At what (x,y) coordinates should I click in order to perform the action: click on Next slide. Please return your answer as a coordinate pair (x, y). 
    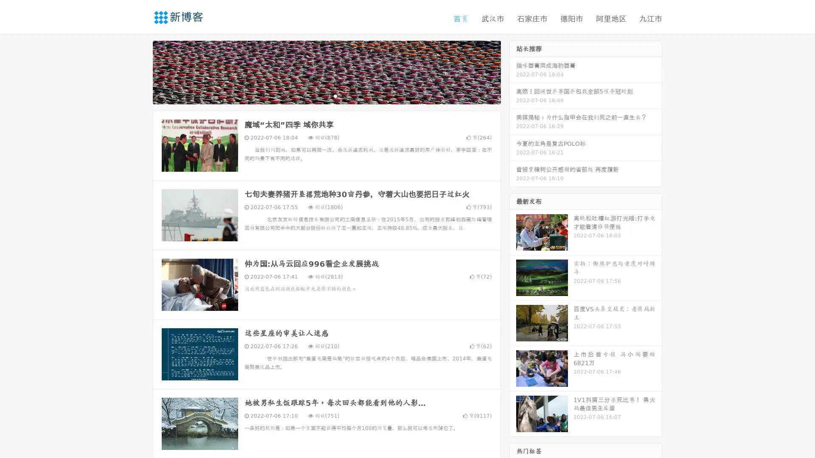
    Looking at the image, I should click on (513, 71).